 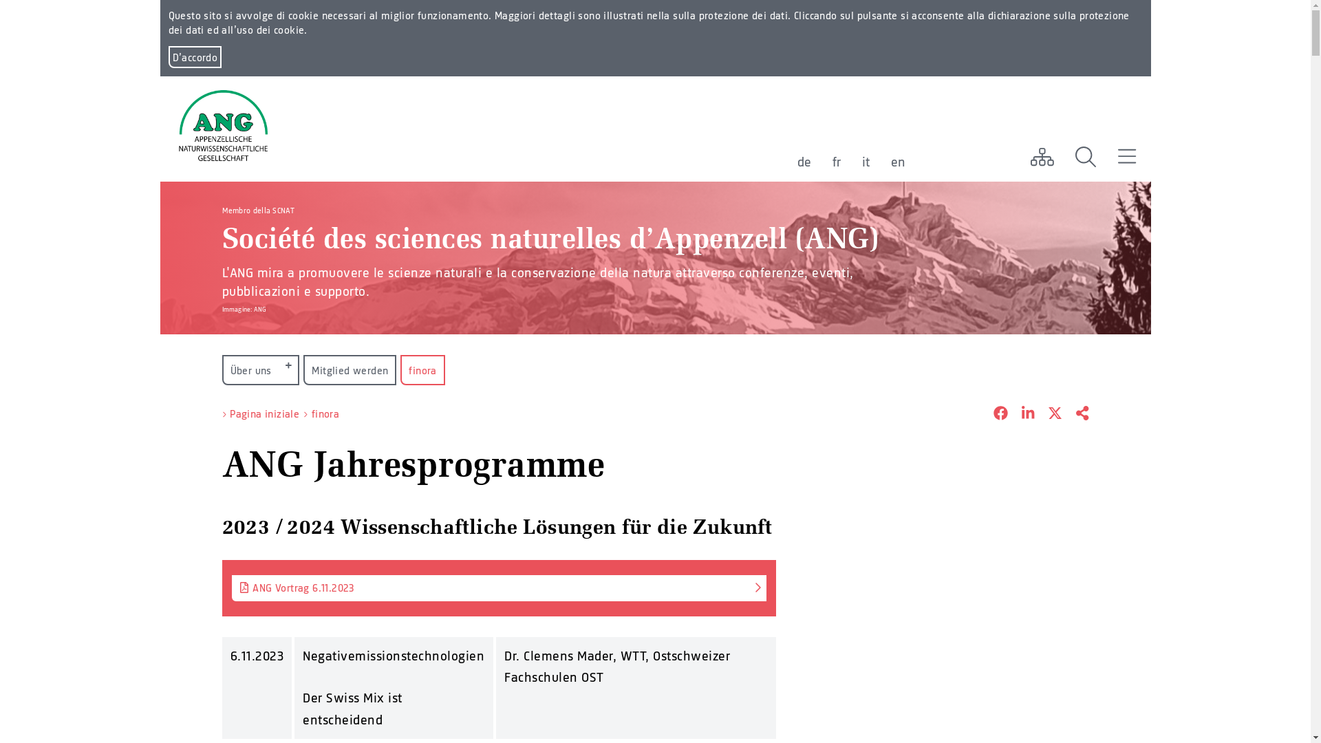 What do you see at coordinates (257, 209) in the screenshot?
I see `'Membro della SCNAT'` at bounding box center [257, 209].